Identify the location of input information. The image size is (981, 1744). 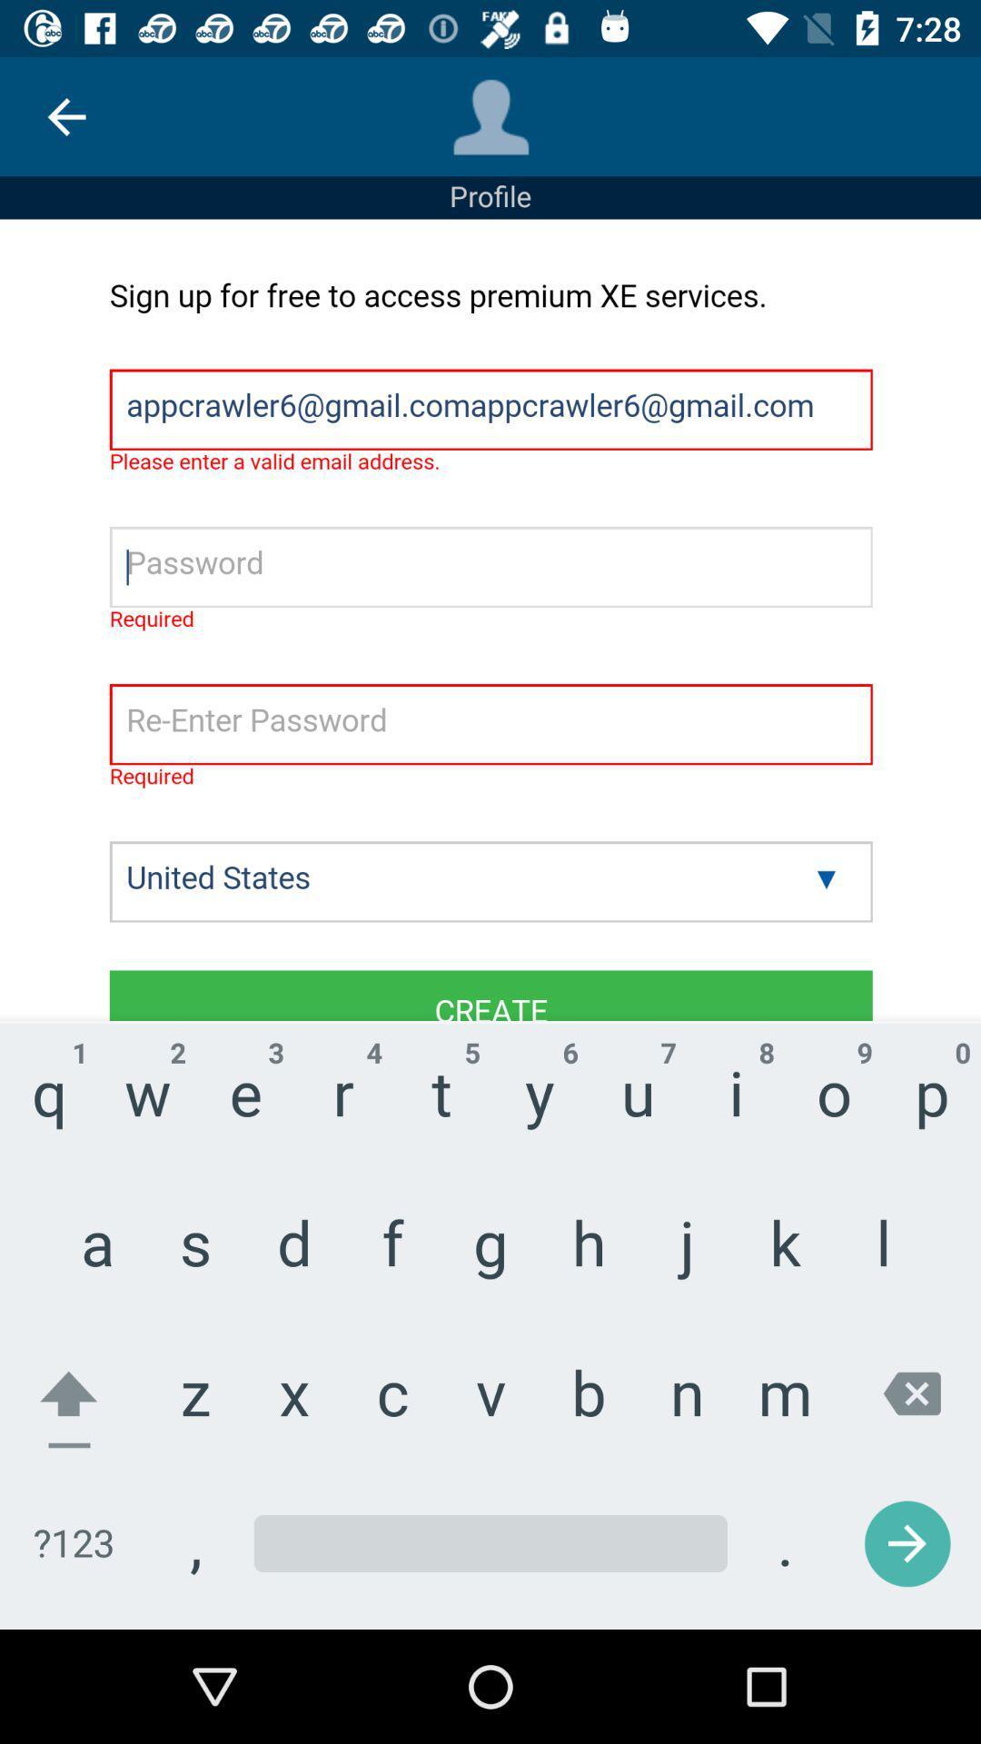
(490, 924).